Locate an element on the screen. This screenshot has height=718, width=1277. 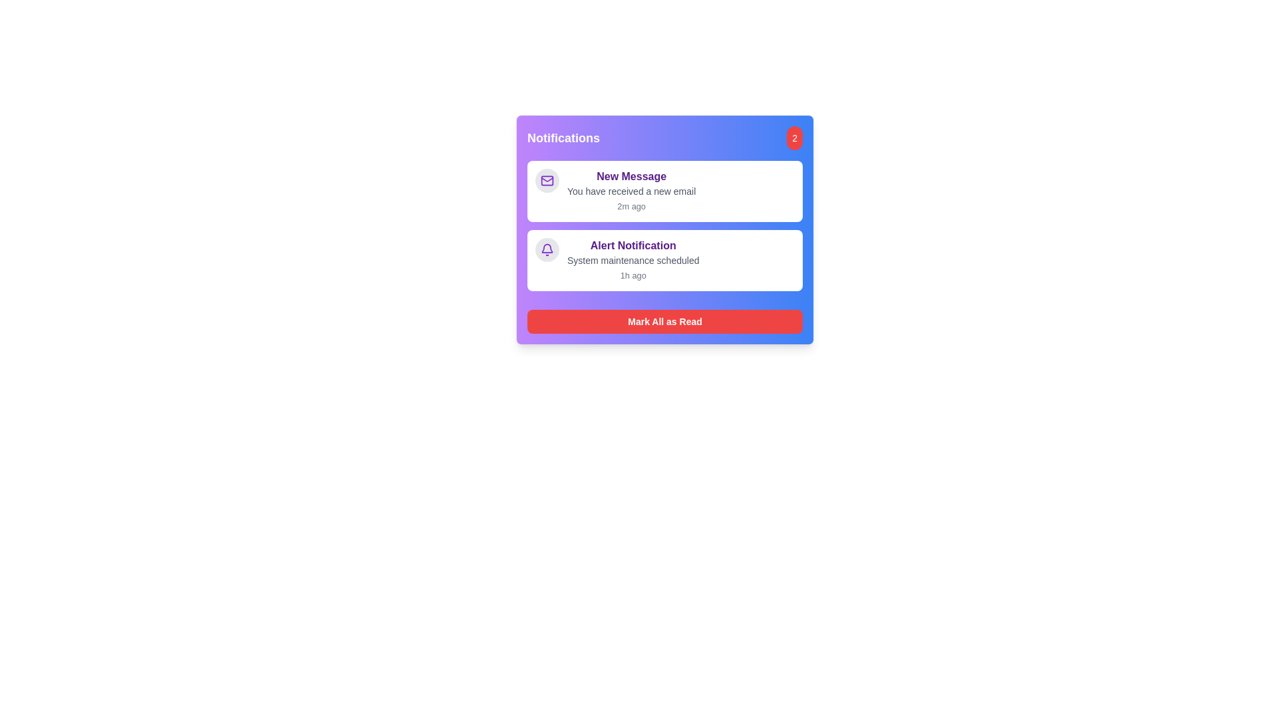
the triangular graphic of the envelope icon that represents the fold or flap, located next to the 'New Message' notification is located at coordinates (547, 179).